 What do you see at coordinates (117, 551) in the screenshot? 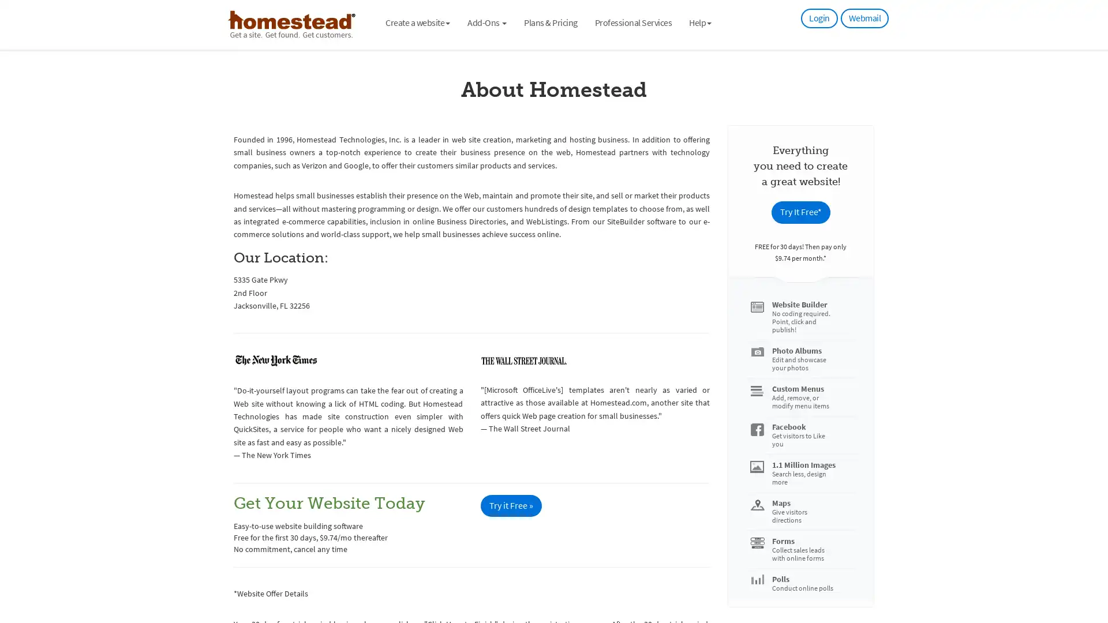
I see `Got It` at bounding box center [117, 551].